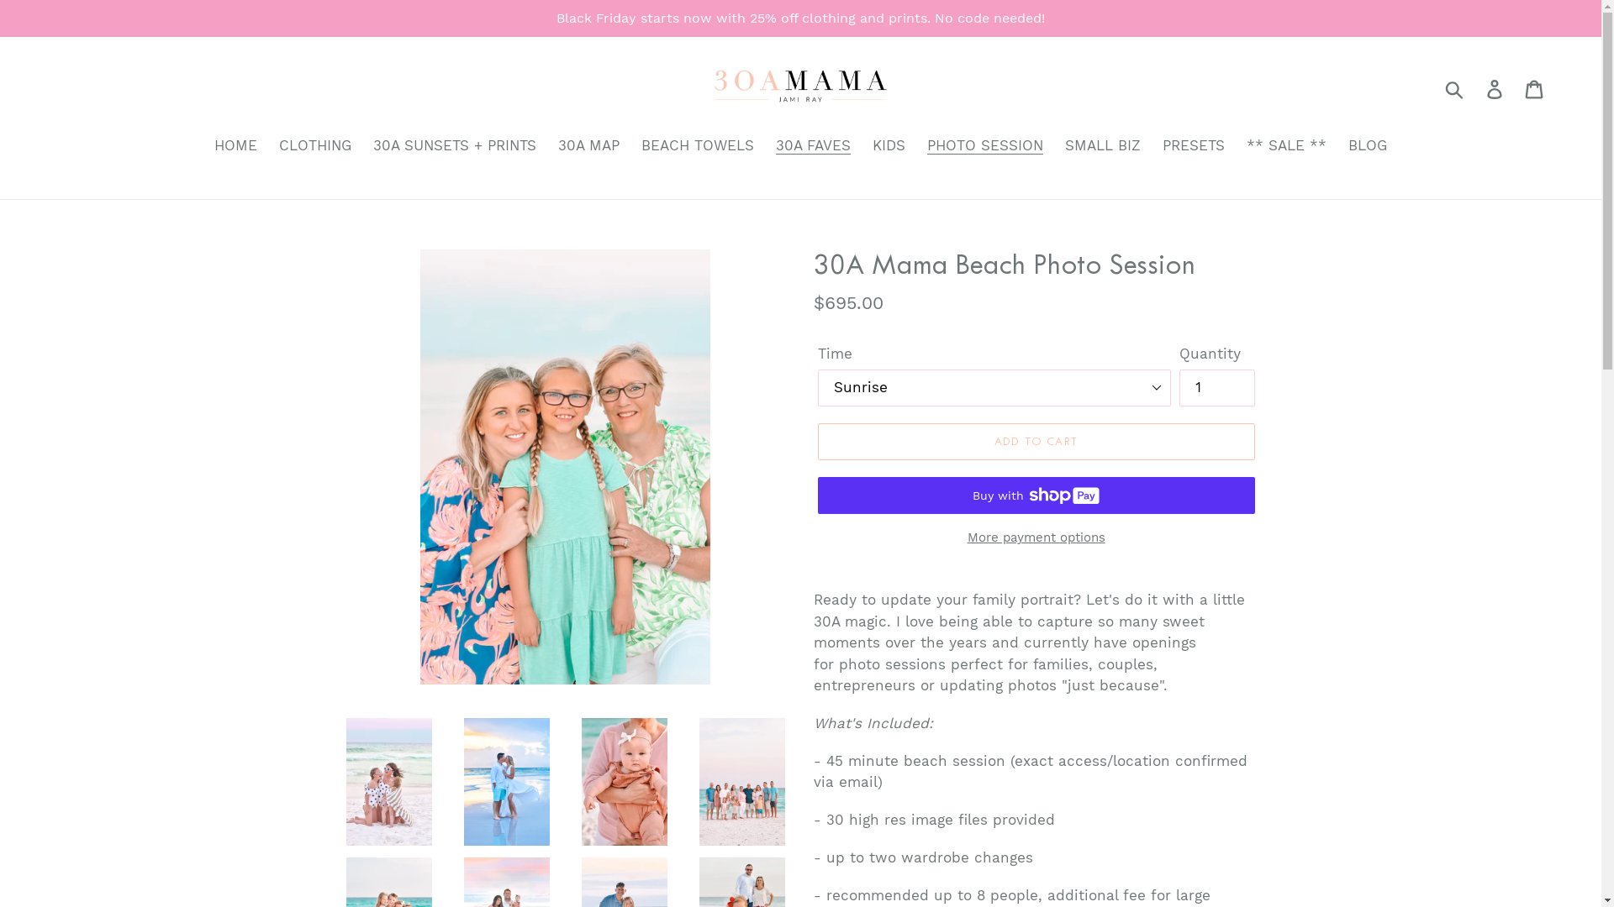 Image resolution: width=1614 pixels, height=907 pixels. I want to click on 'ADD TO CART', so click(1035, 440).